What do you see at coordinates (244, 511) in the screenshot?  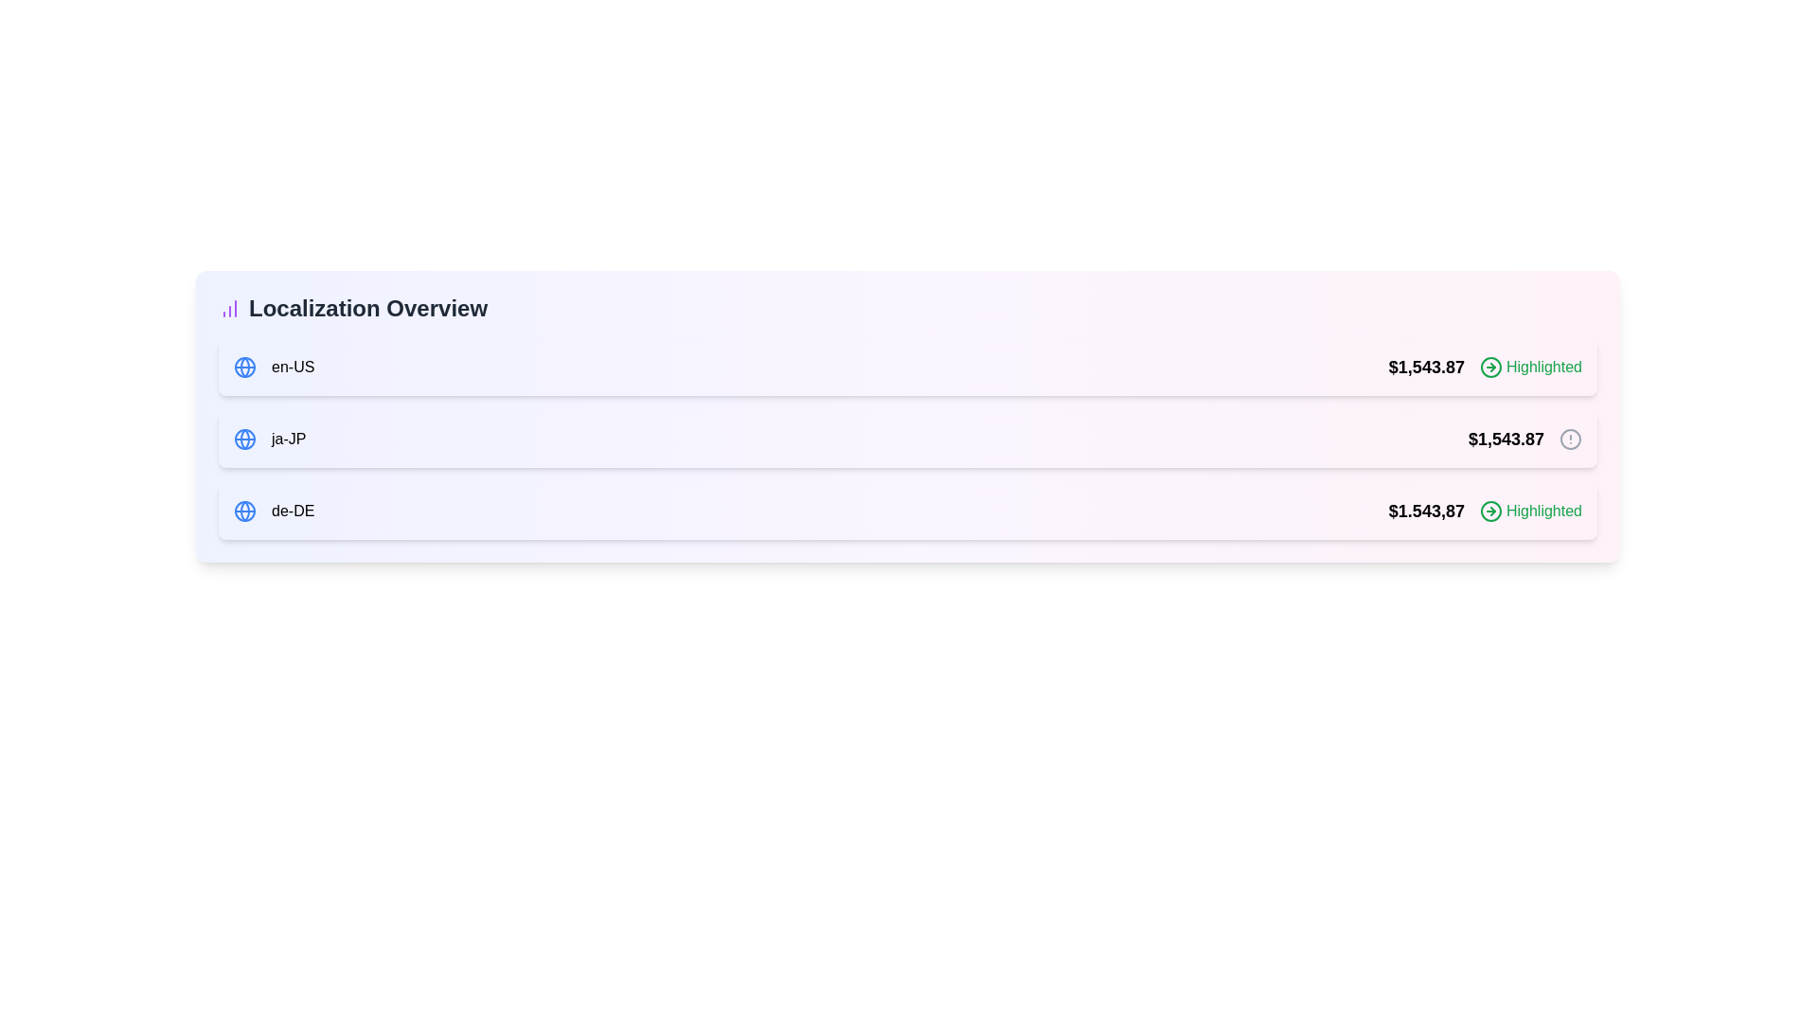 I see `the graphical globe icon in the Localization Overview list, which is the leftmost component of the third row` at bounding box center [244, 511].